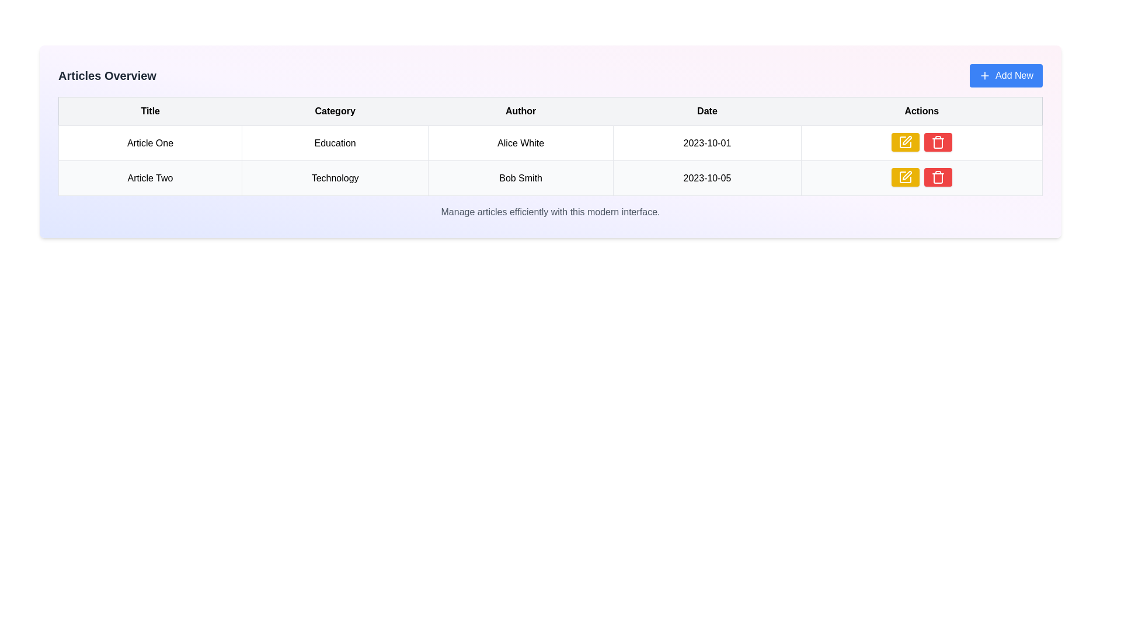 The image size is (1121, 630). What do you see at coordinates (938, 141) in the screenshot?
I see `the trash can icon button, which is the rightmost icon in the second row of the Actions column, to initiate a delete action` at bounding box center [938, 141].